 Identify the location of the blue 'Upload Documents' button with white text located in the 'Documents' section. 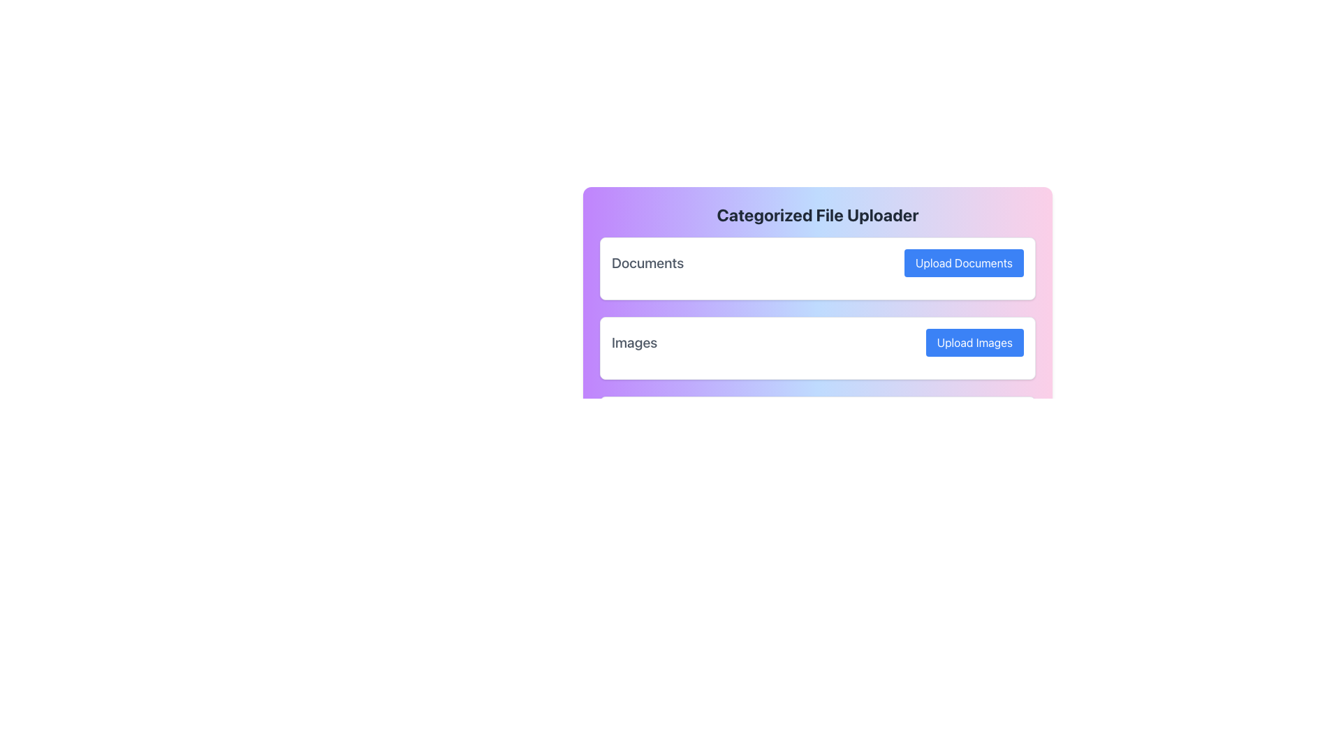
(963, 263).